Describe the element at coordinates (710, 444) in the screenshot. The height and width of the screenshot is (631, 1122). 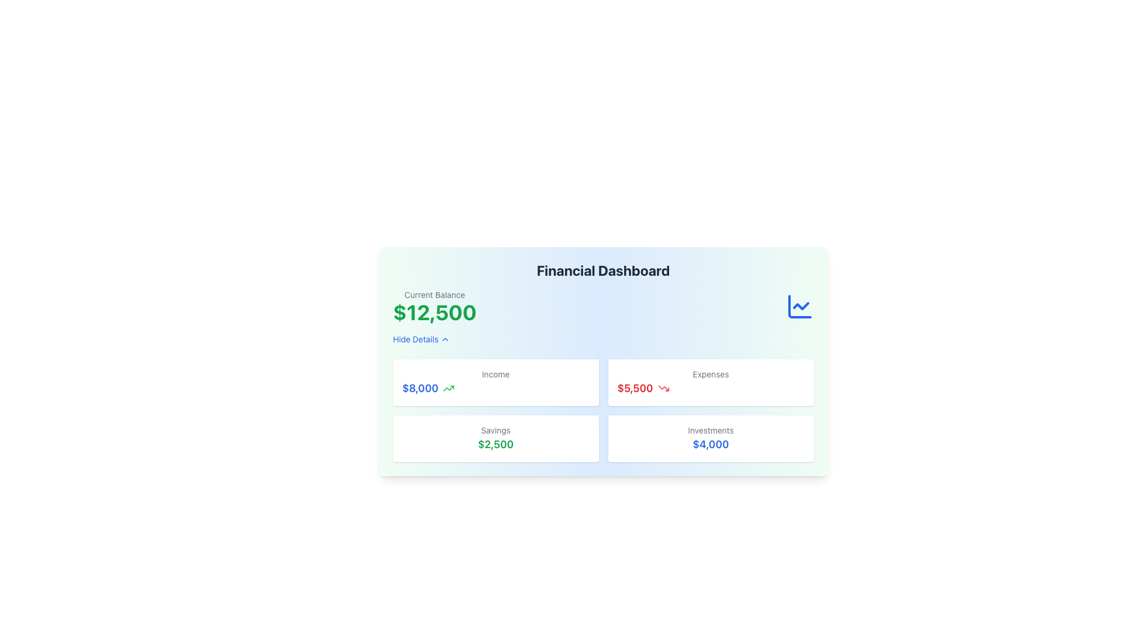
I see `the monetary value display of '$4,000' which is styled in bold, large blue font, located below the 'Investments' label in the lower-right card of the dashboard` at that location.